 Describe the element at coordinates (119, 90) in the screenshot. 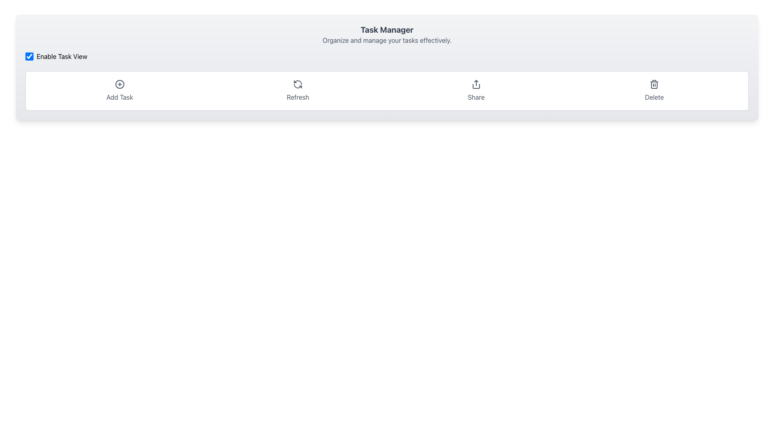

I see `the first button on the left used` at that location.